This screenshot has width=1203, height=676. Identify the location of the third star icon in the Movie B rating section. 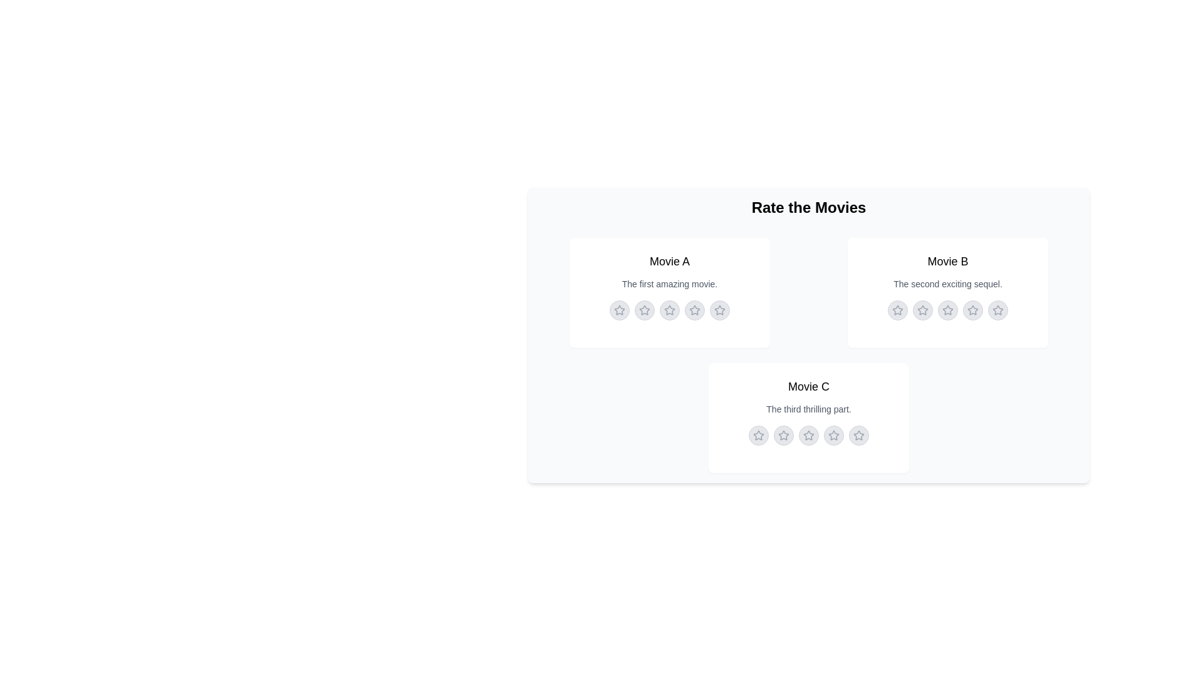
(947, 310).